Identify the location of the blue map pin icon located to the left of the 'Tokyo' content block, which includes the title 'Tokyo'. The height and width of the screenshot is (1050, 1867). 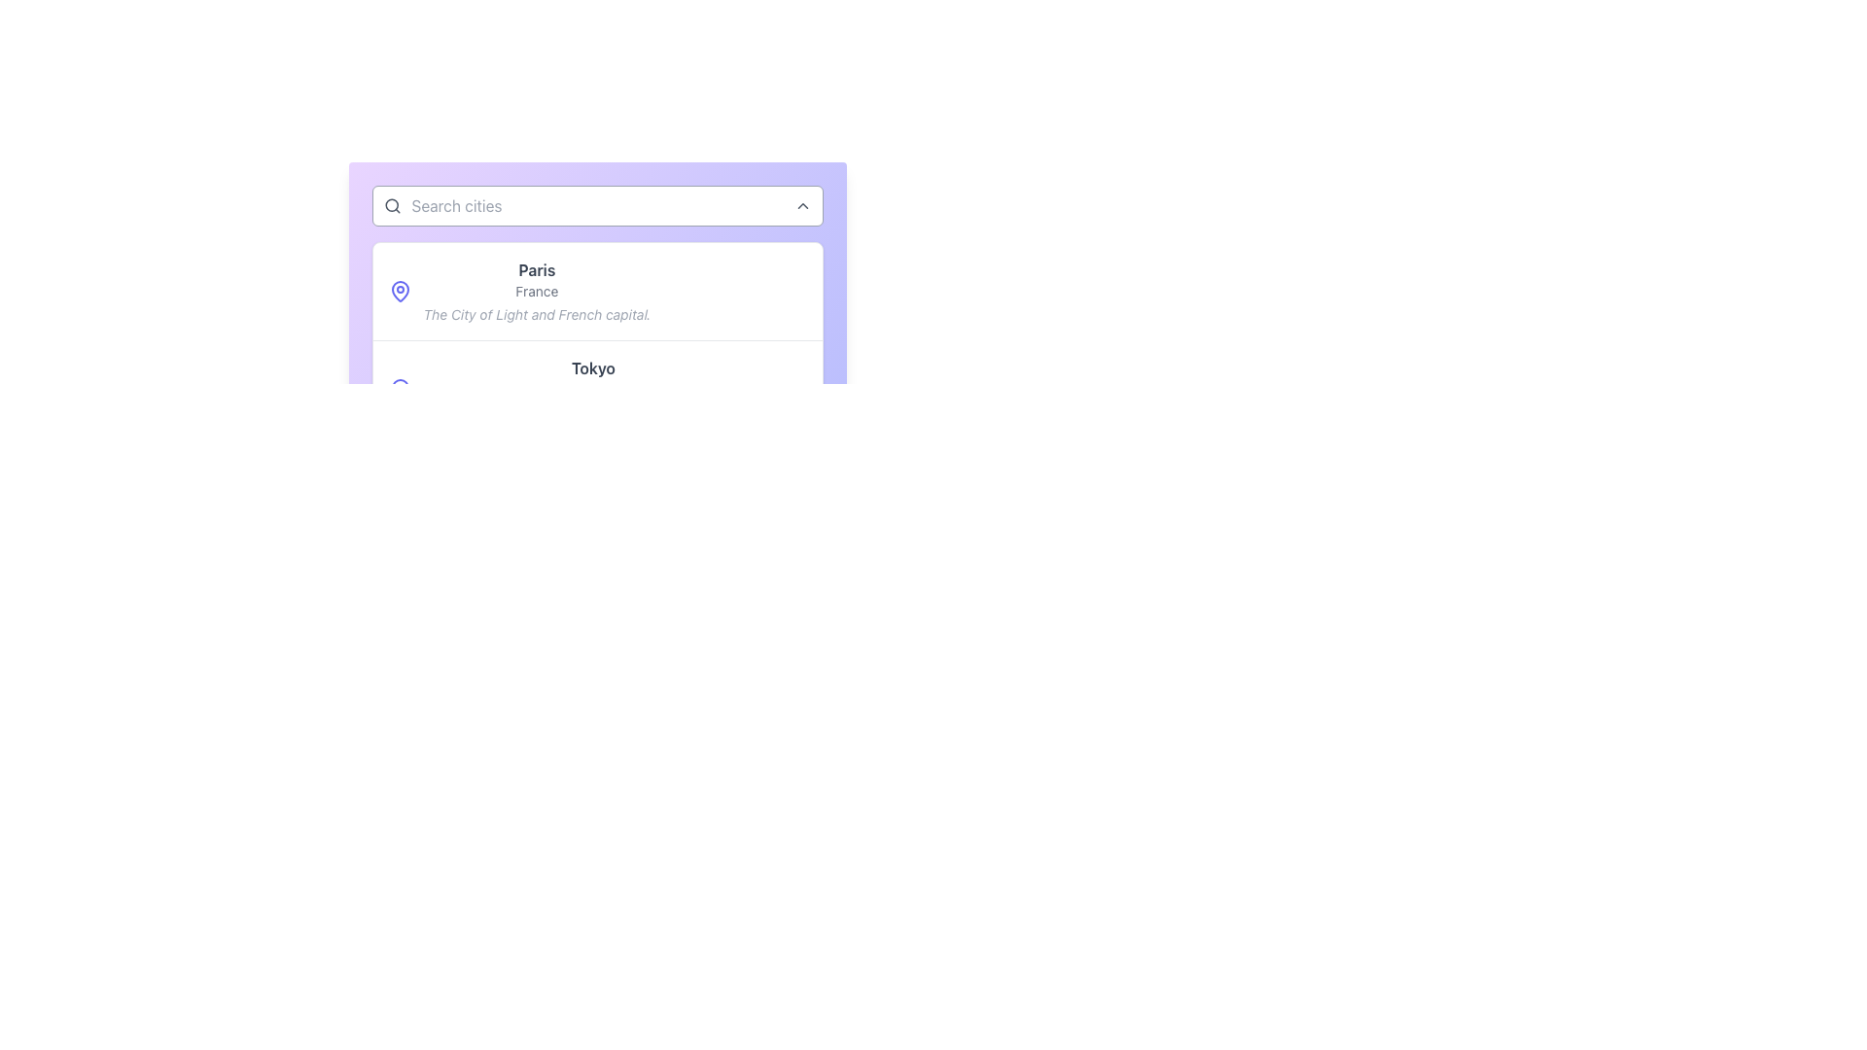
(399, 390).